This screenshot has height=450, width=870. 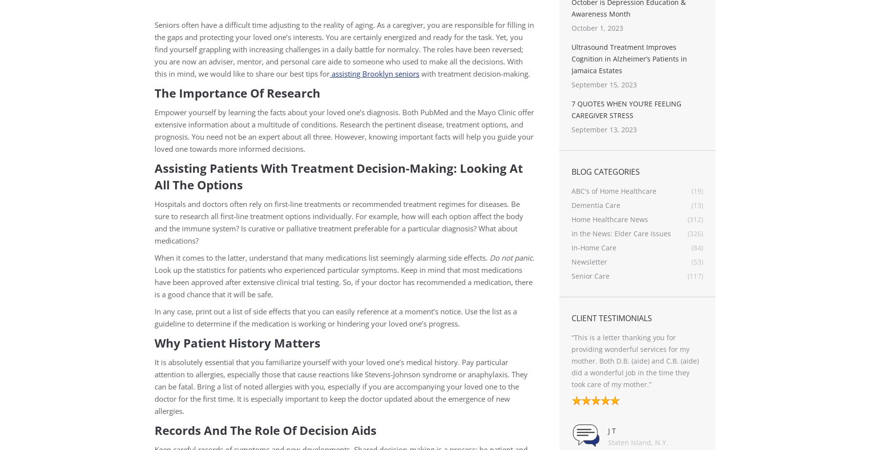 I want to click on 'Records And The Role Of Decision Aids', so click(x=265, y=430).